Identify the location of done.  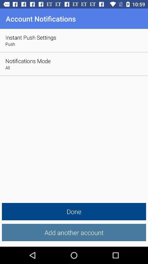
(74, 211).